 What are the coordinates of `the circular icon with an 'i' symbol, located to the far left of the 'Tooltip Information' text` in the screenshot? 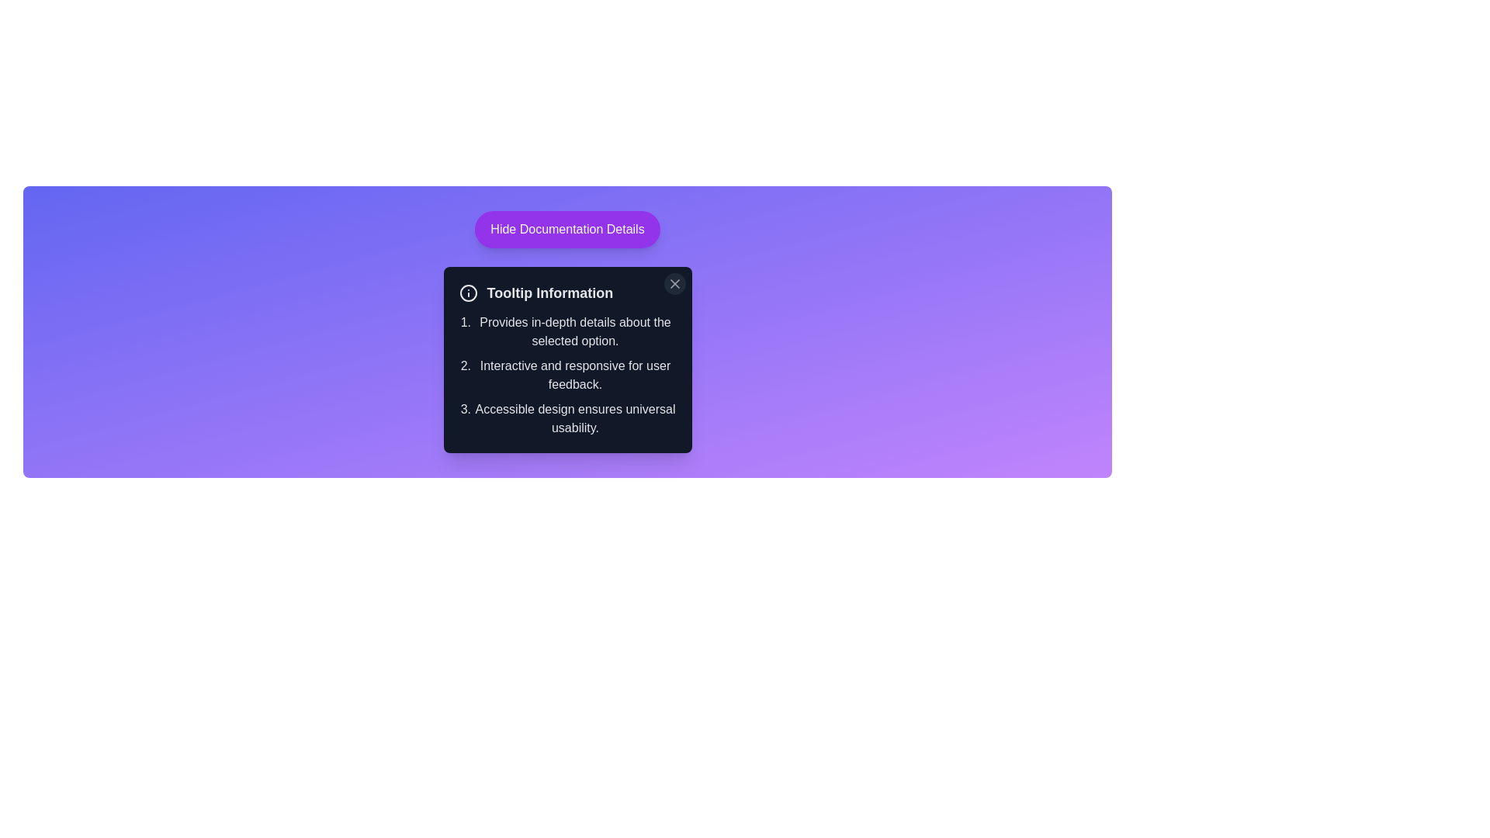 It's located at (467, 293).